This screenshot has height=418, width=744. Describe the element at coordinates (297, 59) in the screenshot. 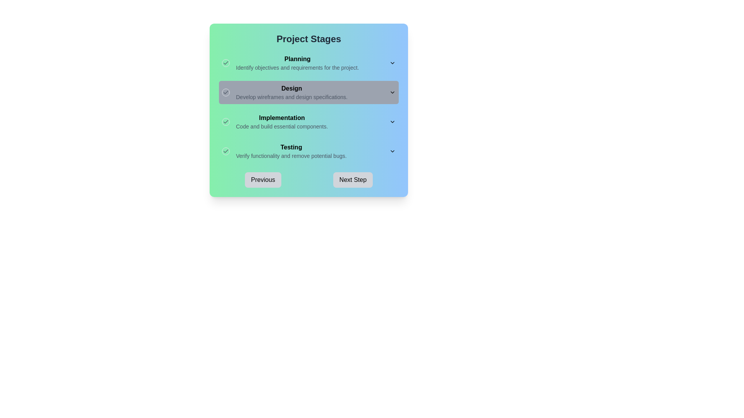

I see `the Text Label that represents the heading for the 'Planning' phase of the project stages, located above the text 'Identify objectives and requirements for the project.'` at that location.